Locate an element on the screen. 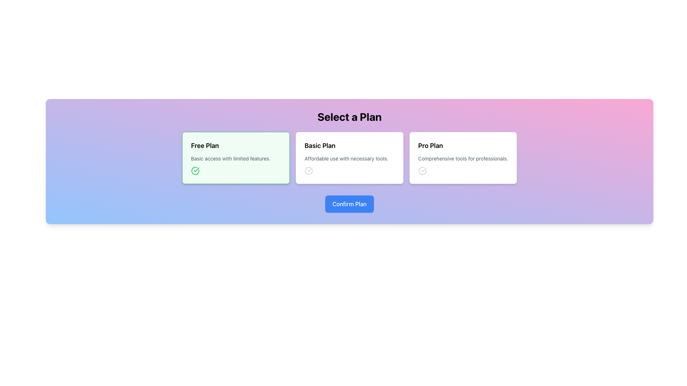 Image resolution: width=687 pixels, height=386 pixels. the circular icon with a checkmark inside it located at the bottom-right area of the 'Pro Plan' card, adjacent to the text 'Comprehensive tools for professionals.' is located at coordinates (422, 171).